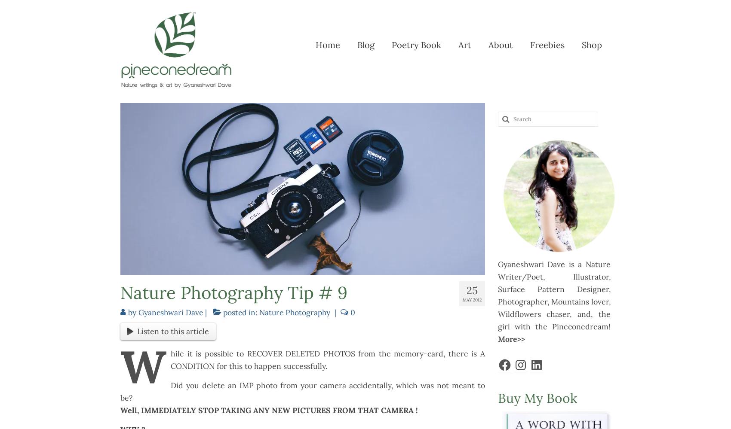 This screenshot has height=429, width=731. I want to click on 'Nature Photography', so click(258, 312).